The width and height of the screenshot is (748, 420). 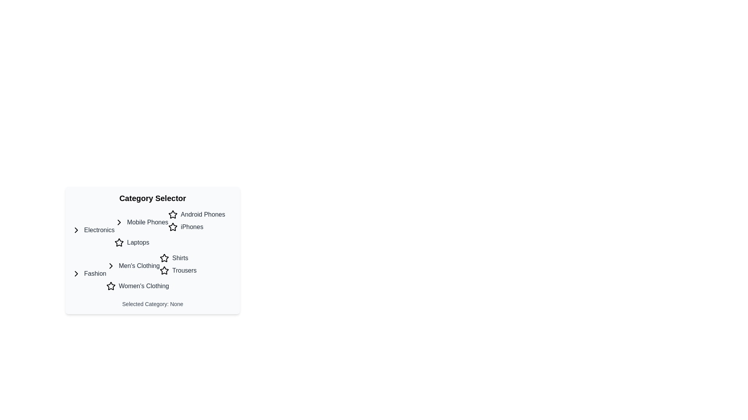 What do you see at coordinates (164, 258) in the screenshot?
I see `the third star-shaped icon from the left in the 'Men's Clothing' section, adjacent to the text 'Shirts'` at bounding box center [164, 258].